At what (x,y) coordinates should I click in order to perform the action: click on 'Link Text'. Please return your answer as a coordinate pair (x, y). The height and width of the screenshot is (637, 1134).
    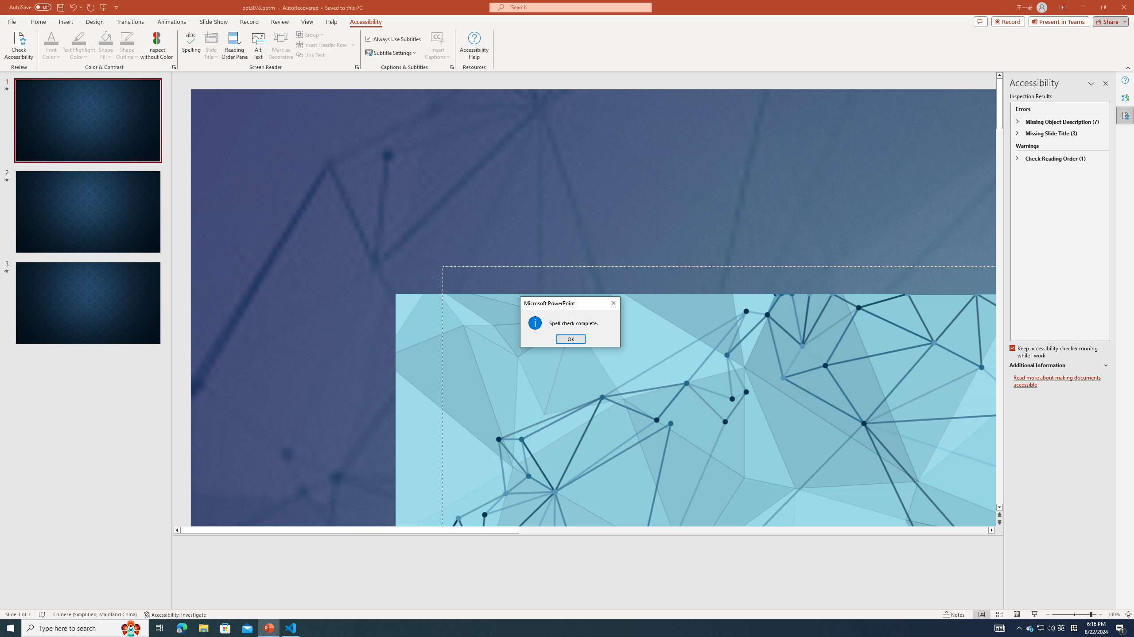
    Looking at the image, I should click on (311, 54).